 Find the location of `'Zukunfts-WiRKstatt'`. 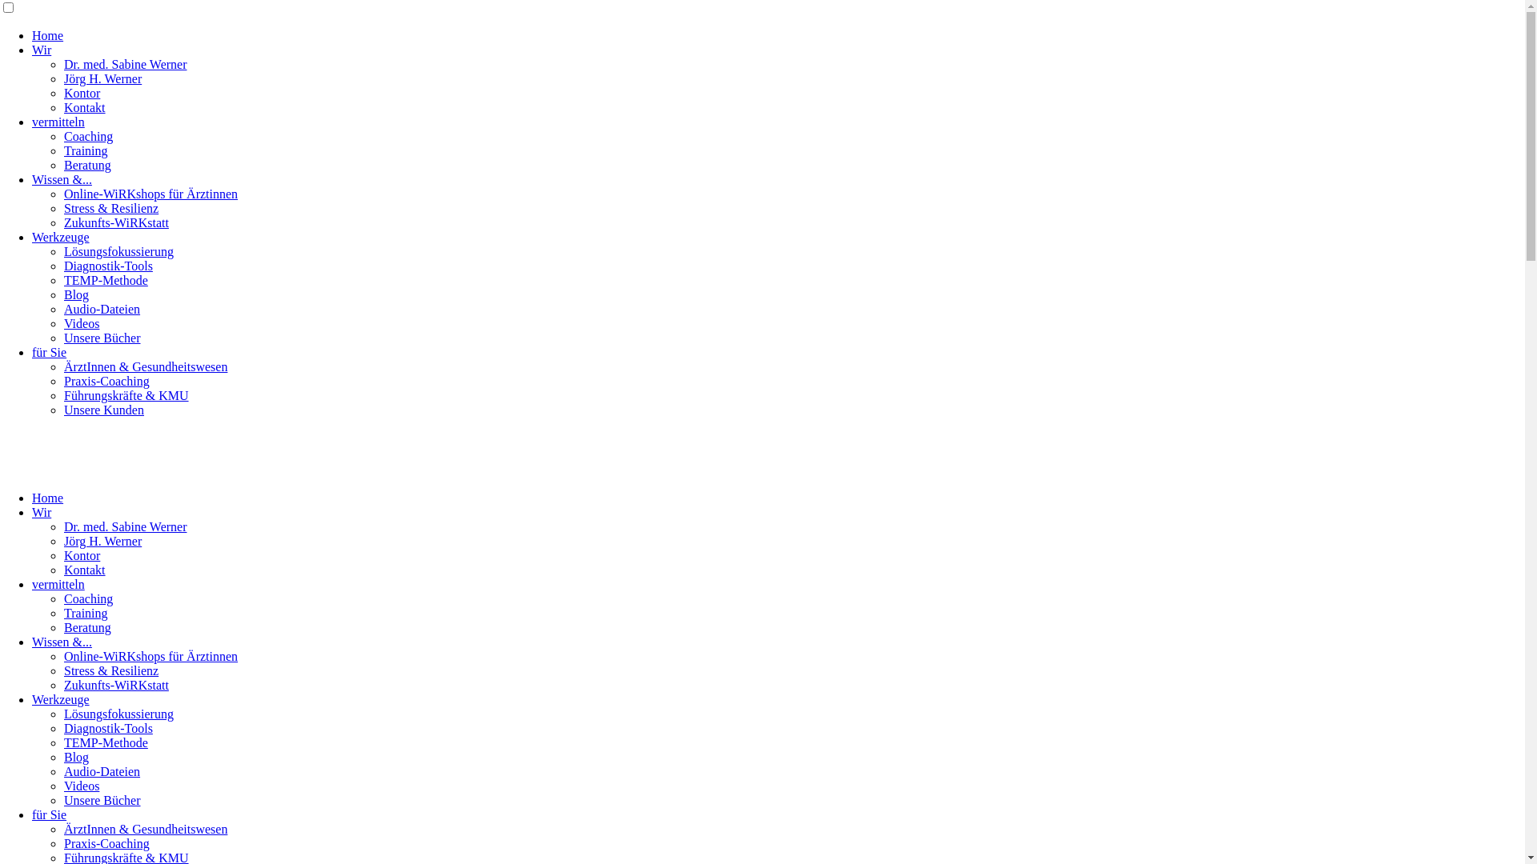

'Zukunfts-WiRKstatt' is located at coordinates (115, 684).